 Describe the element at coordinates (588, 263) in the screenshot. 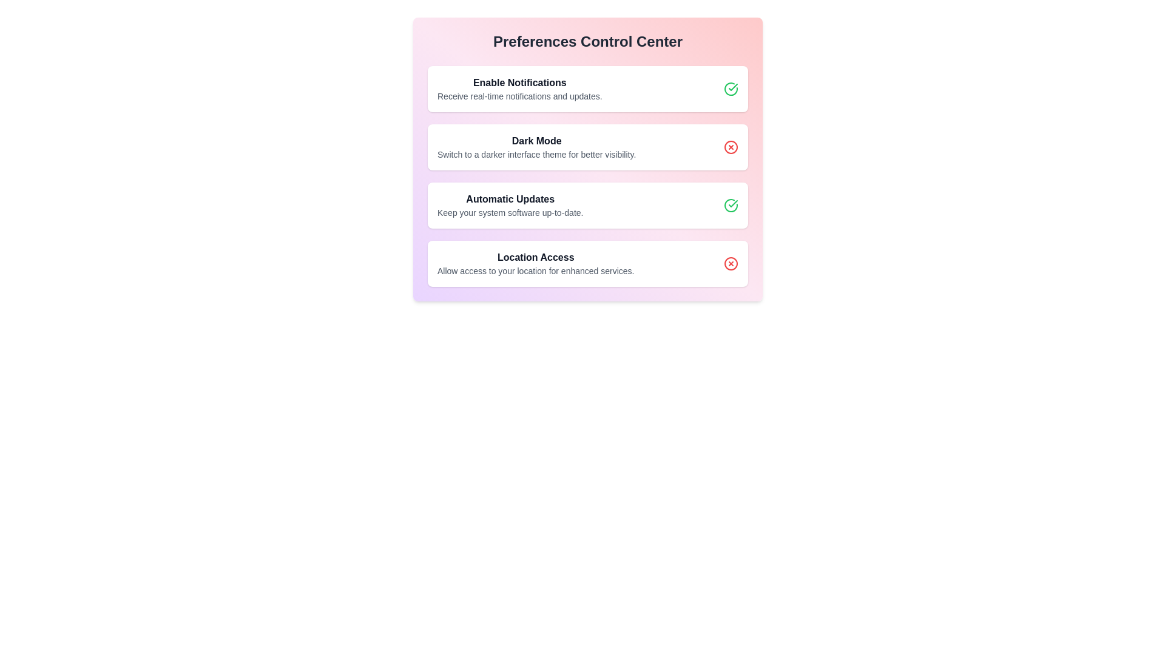

I see `the Informational card about location access settings in the Preferences Control Center` at that location.